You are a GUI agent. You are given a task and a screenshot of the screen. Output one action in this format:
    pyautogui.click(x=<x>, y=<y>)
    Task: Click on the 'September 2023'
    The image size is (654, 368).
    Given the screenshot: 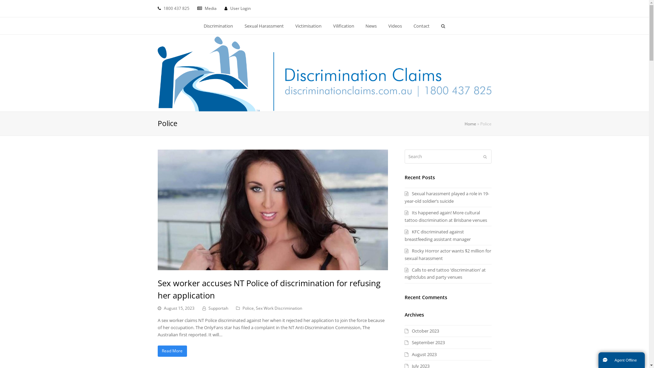 What is the action you would take?
    pyautogui.click(x=424, y=342)
    